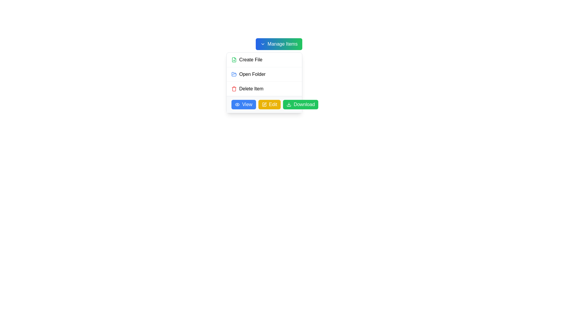 The height and width of the screenshot is (320, 569). Describe the element at coordinates (264, 60) in the screenshot. I see `the menu item that triggers a command to create a new file, located above the 'Open Folder' and 'Delete Item' options in the vertical list under the 'Manage Items' button` at that location.